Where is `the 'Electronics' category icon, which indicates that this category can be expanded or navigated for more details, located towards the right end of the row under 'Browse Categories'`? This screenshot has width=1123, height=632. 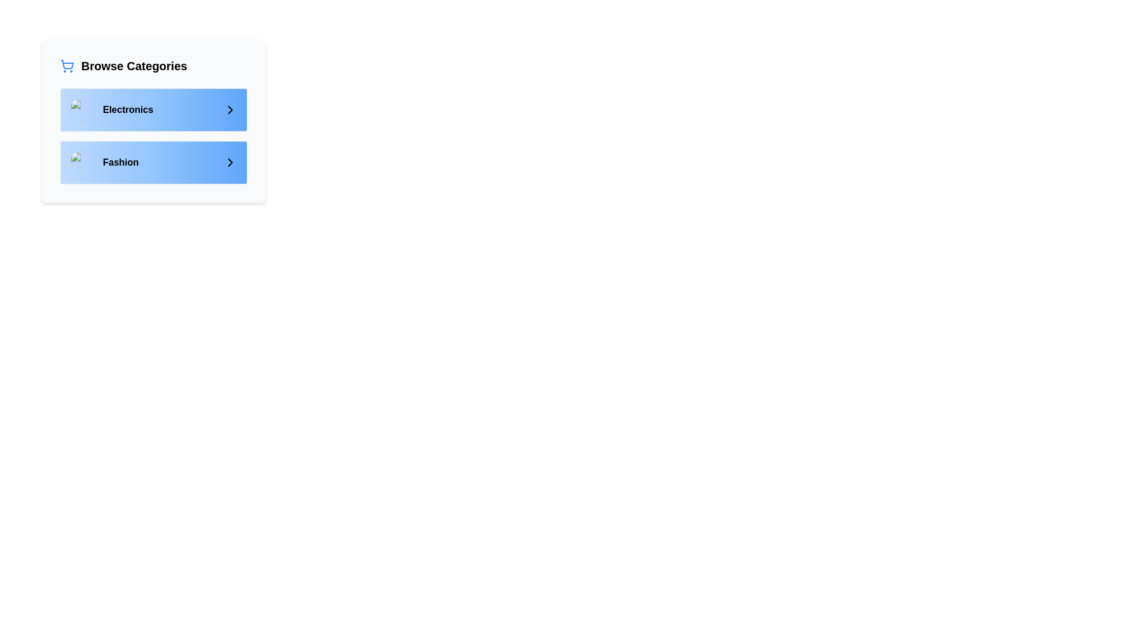
the 'Electronics' category icon, which indicates that this category can be expanded or navigated for more details, located towards the right end of the row under 'Browse Categories' is located at coordinates (230, 110).